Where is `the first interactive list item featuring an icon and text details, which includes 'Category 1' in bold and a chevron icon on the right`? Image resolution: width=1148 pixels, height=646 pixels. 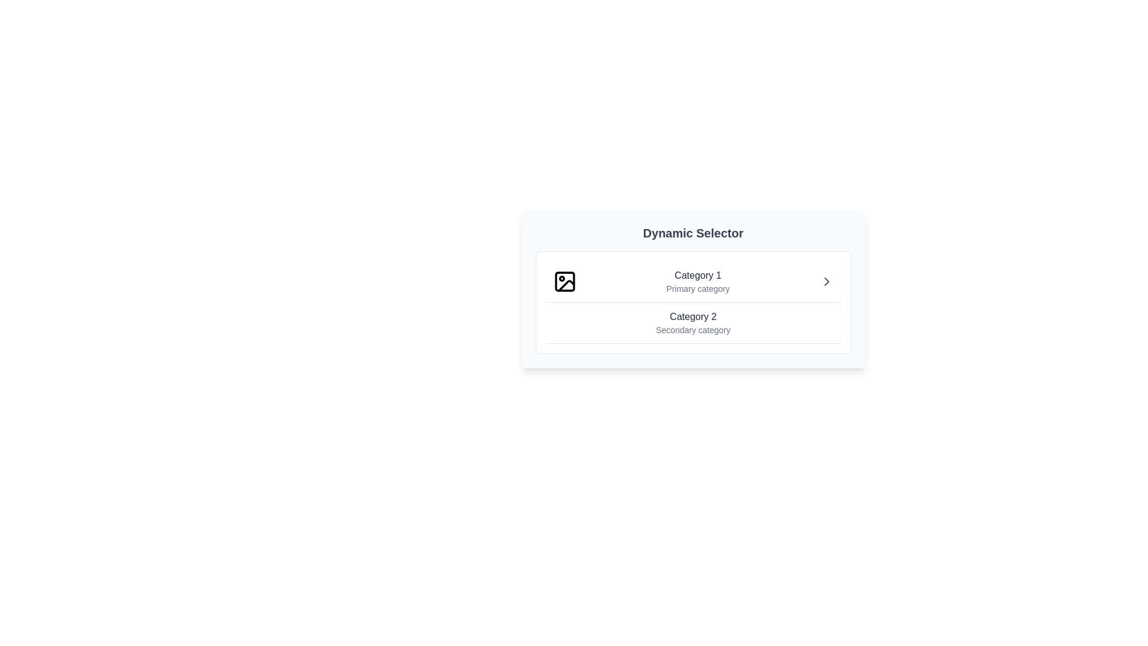 the first interactive list item featuring an icon and text details, which includes 'Category 1' in bold and a chevron icon on the right is located at coordinates (693, 282).